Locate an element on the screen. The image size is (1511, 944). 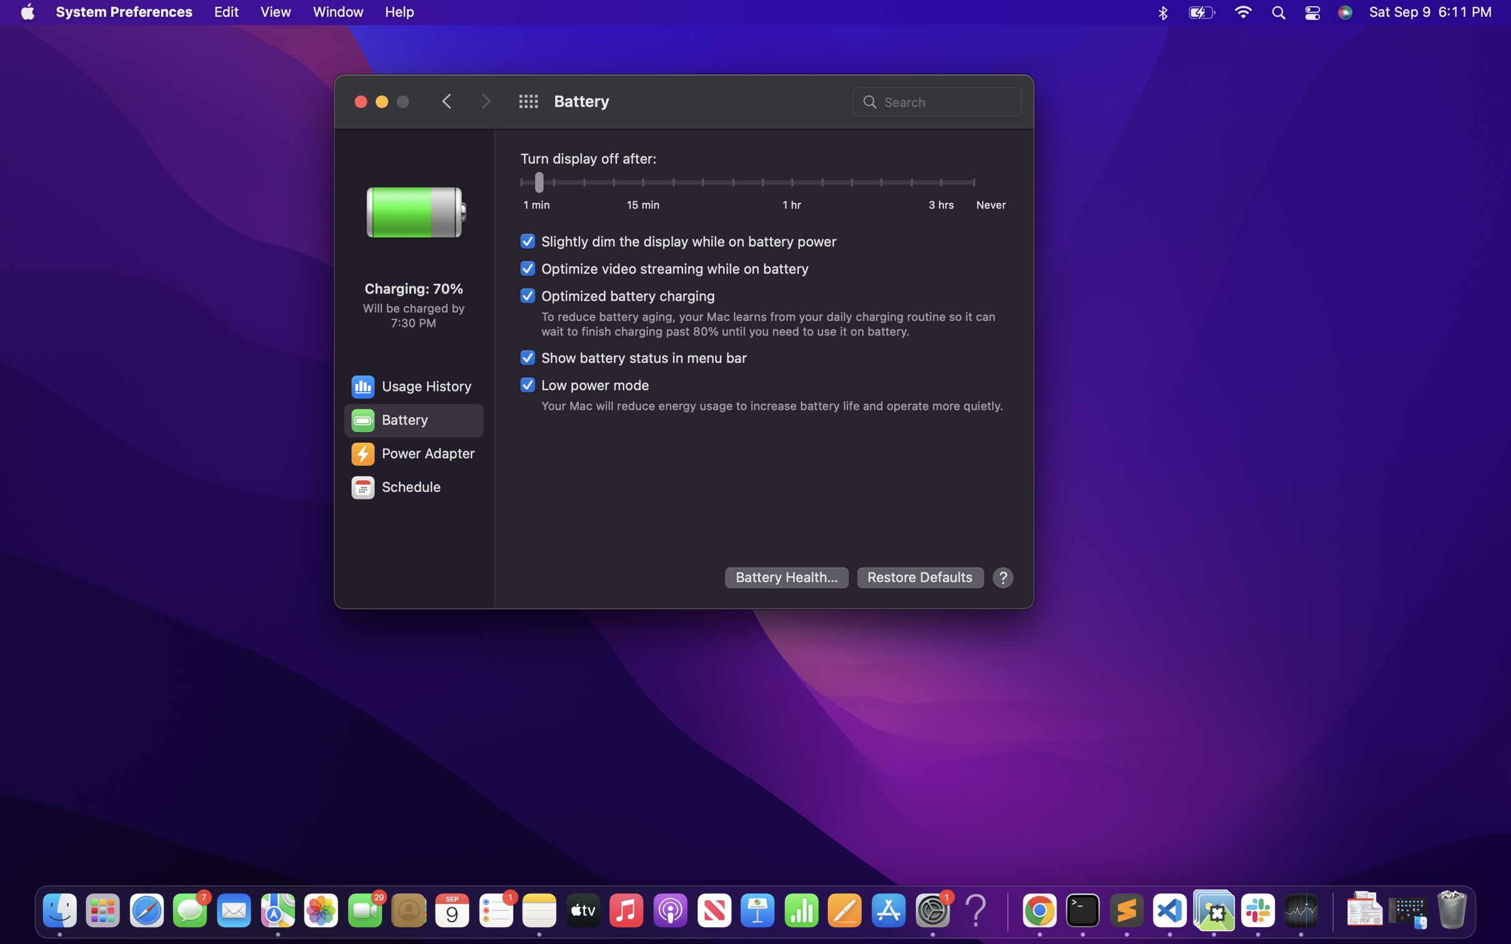
the configurations for the schedule is located at coordinates (412, 488).